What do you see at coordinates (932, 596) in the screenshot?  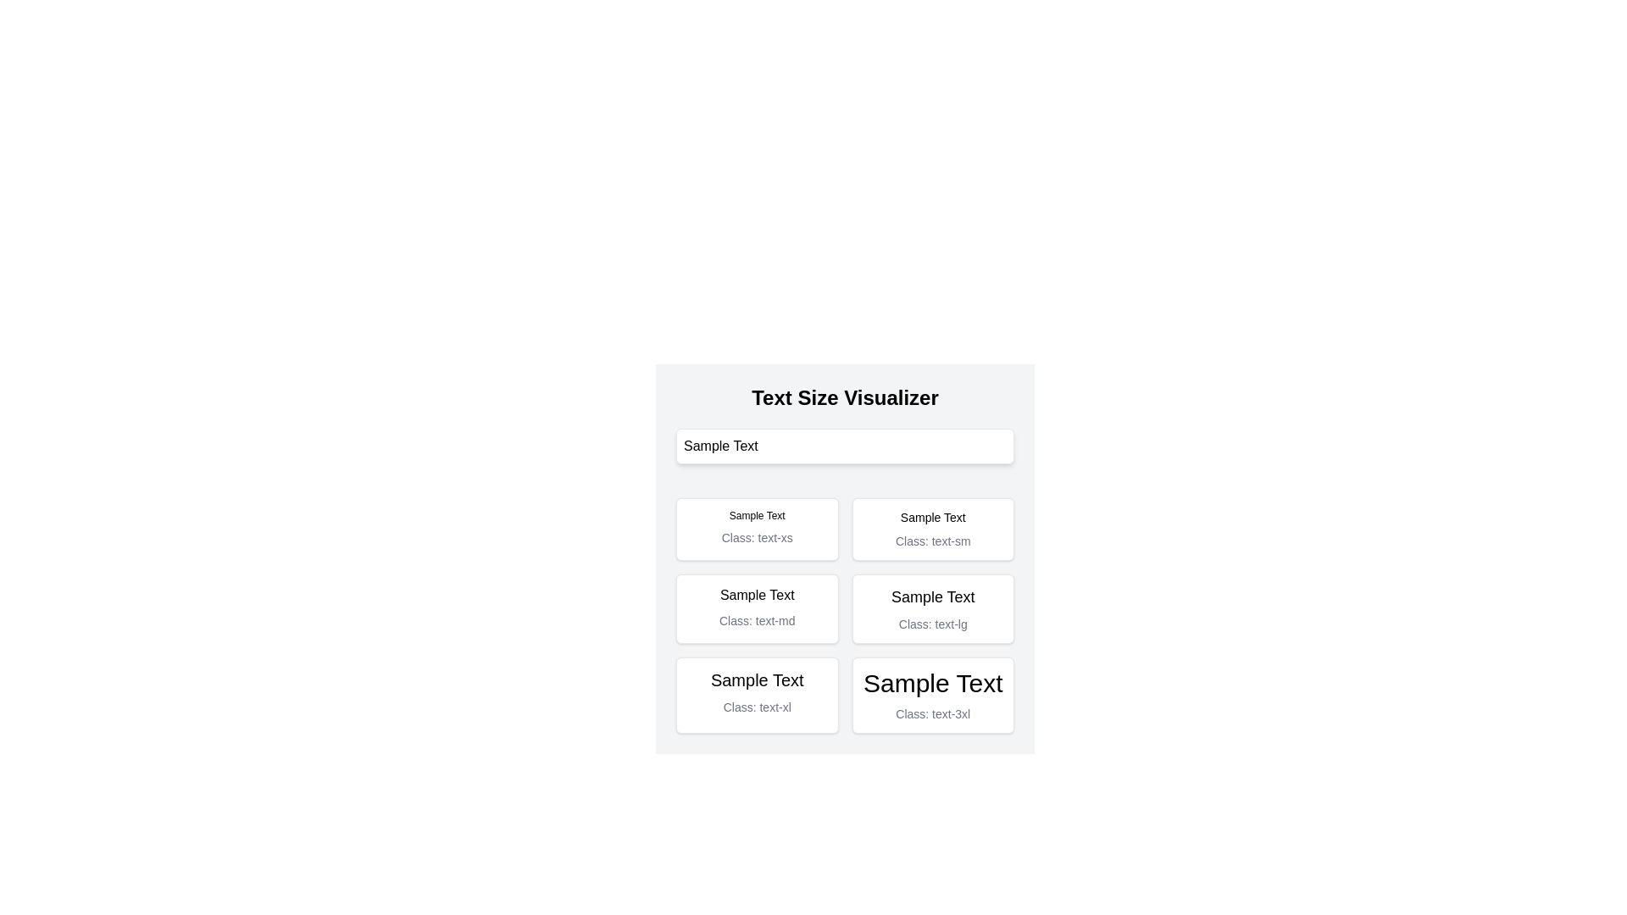 I see `the static text label displaying 'Sample Text', which is located in the center-right quadrant of the layout, above the smaller text 'Class: text-lg'` at bounding box center [932, 596].